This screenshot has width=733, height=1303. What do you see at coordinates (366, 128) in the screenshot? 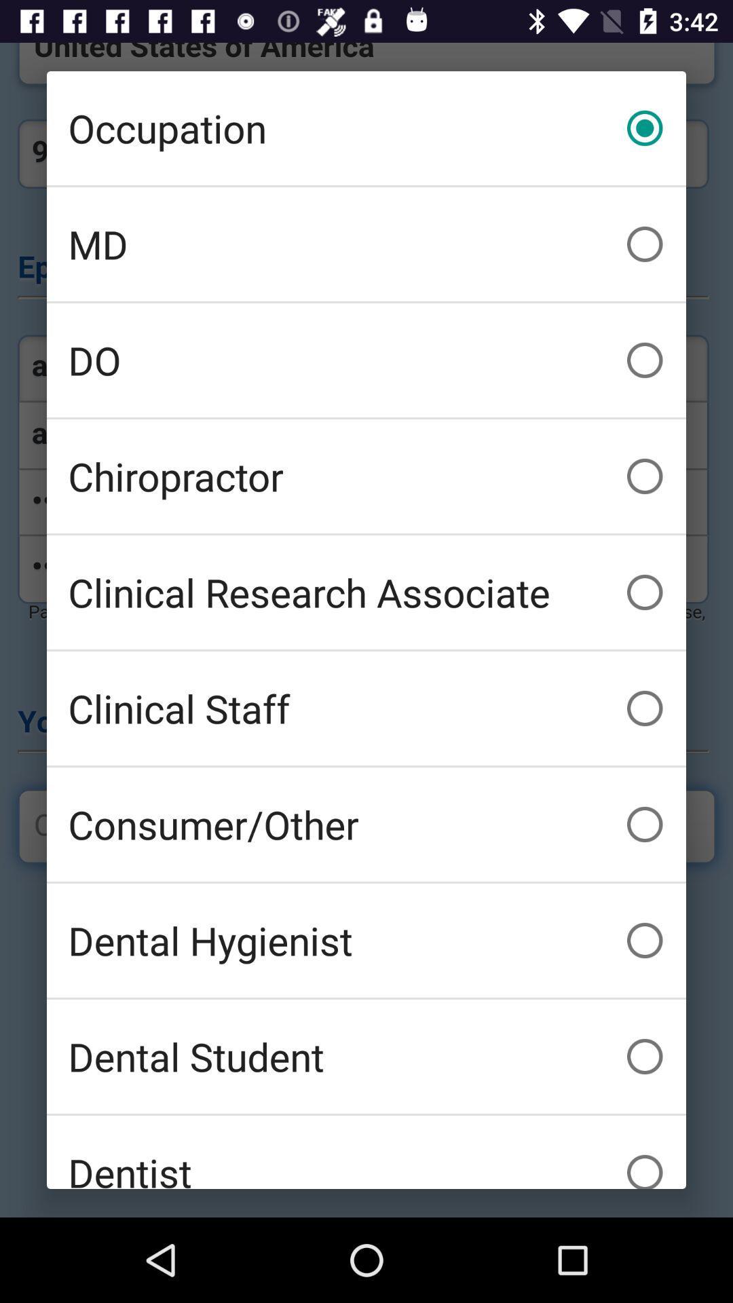
I see `icon above md` at bounding box center [366, 128].